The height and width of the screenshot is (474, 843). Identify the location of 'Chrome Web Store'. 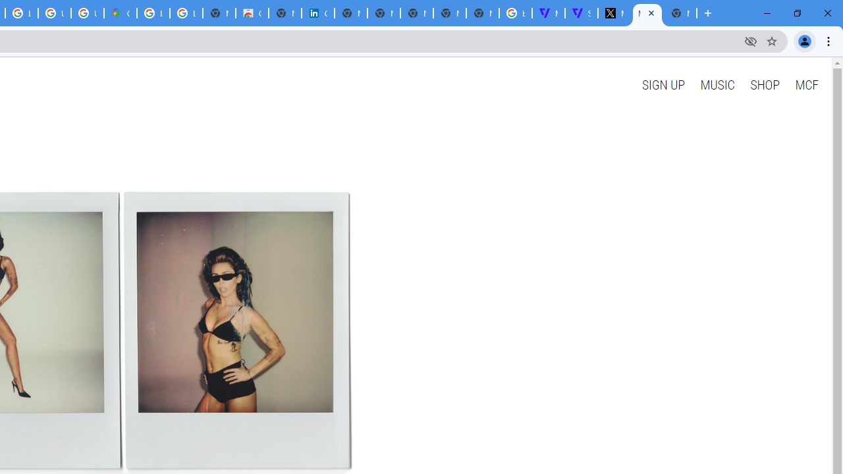
(252, 13).